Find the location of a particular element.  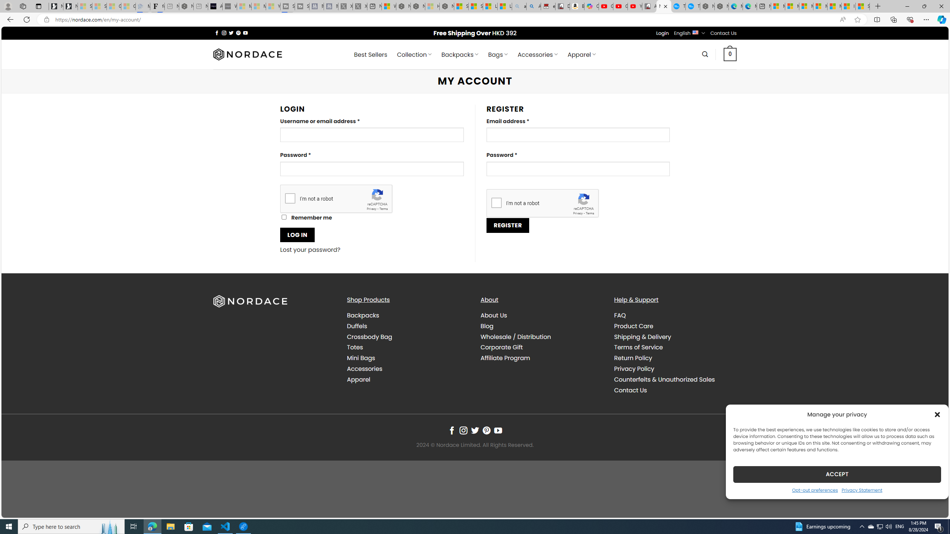

'Backpacks' is located at coordinates (363, 315).